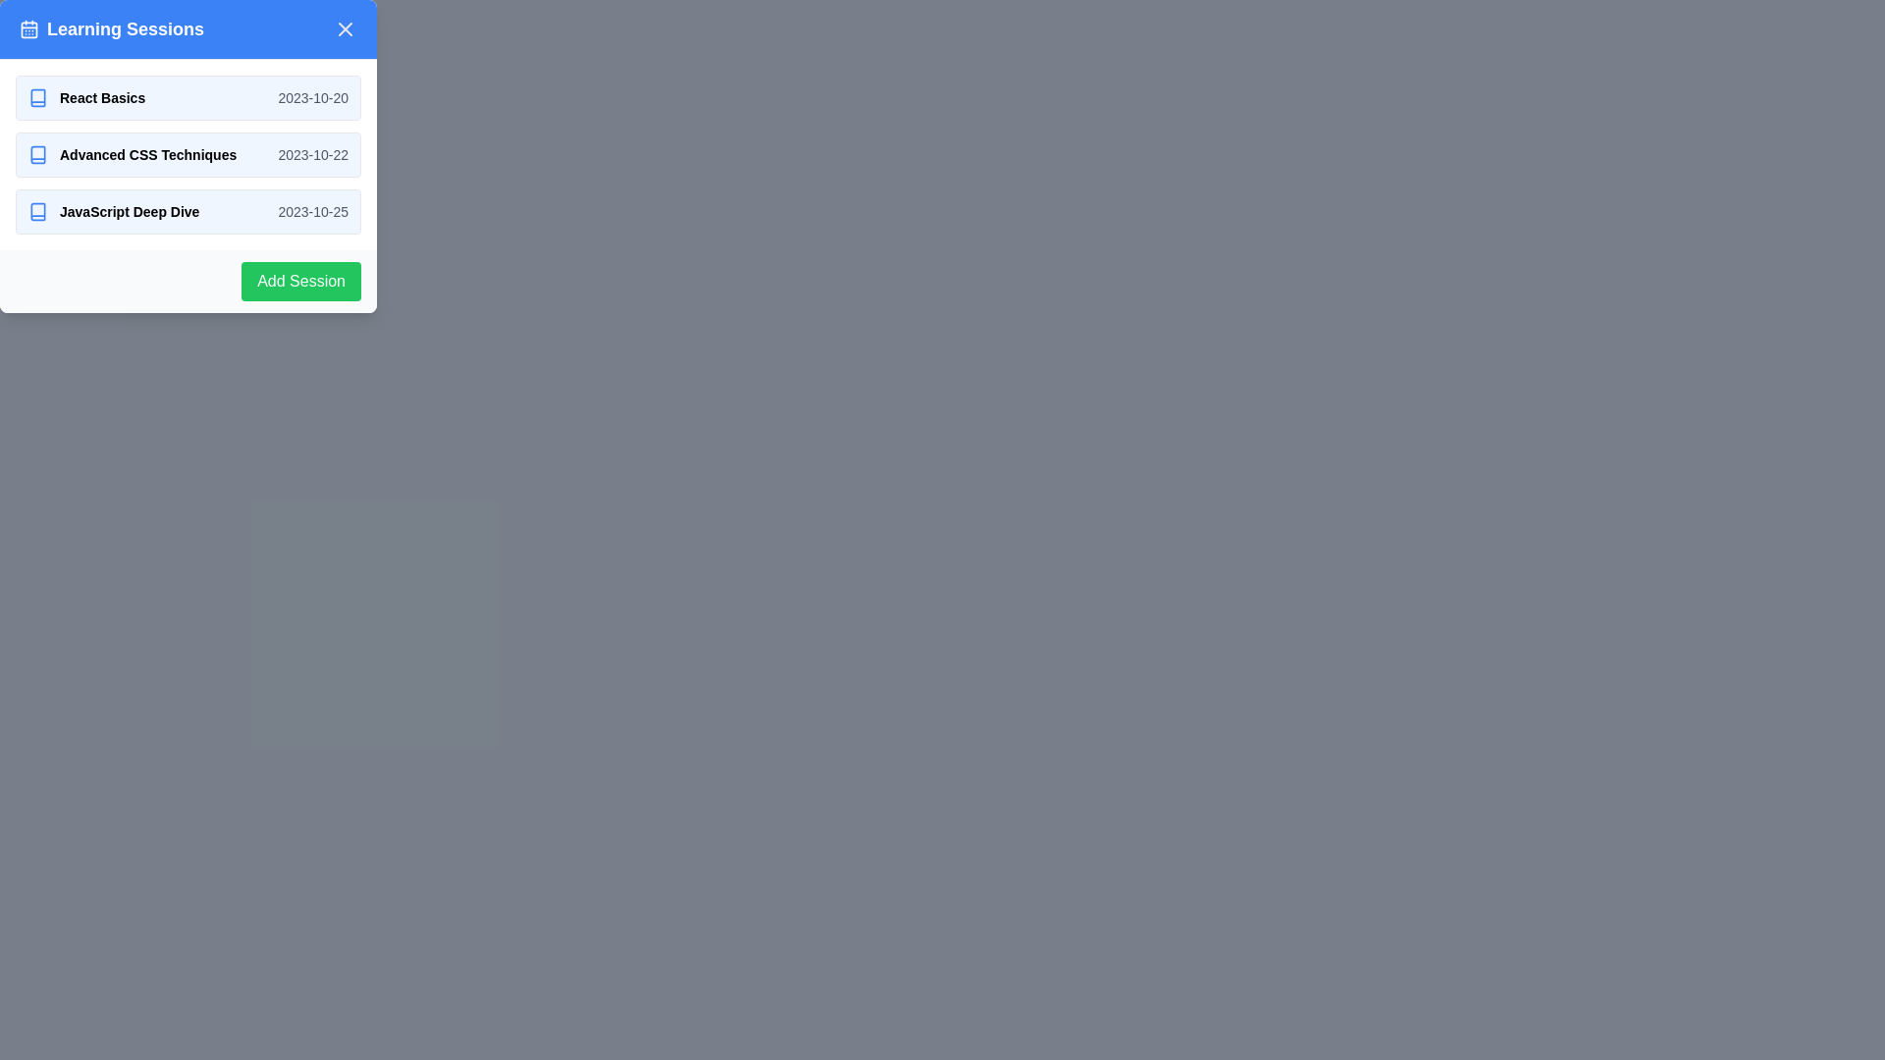 The image size is (1885, 1060). Describe the element at coordinates (28, 29) in the screenshot. I see `the small calendar icon located at the leftmost position of the 'Learning Sessions' title bar` at that location.